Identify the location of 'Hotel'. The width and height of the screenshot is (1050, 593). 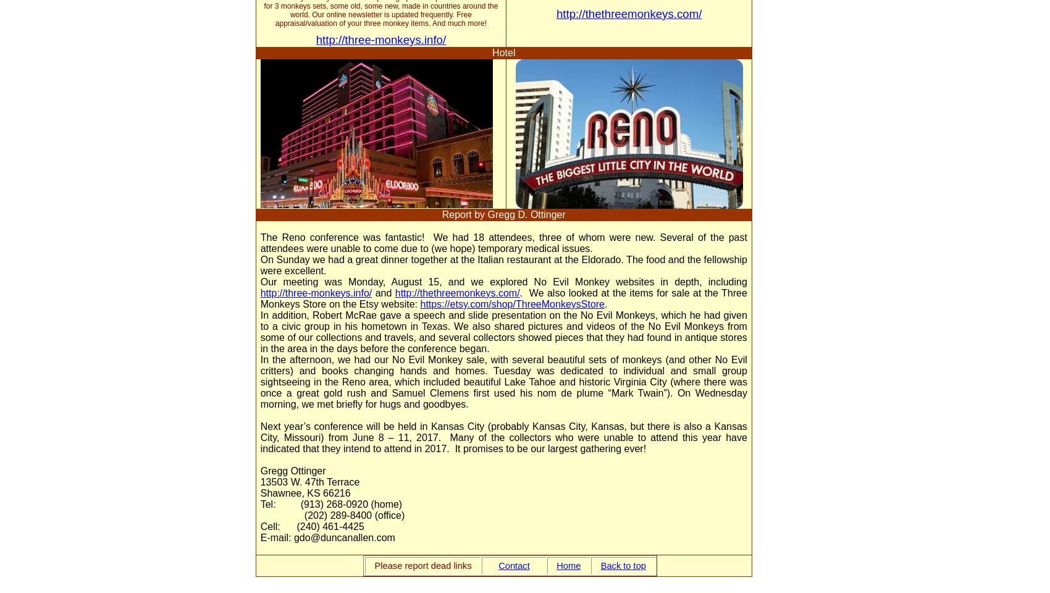
(503, 53).